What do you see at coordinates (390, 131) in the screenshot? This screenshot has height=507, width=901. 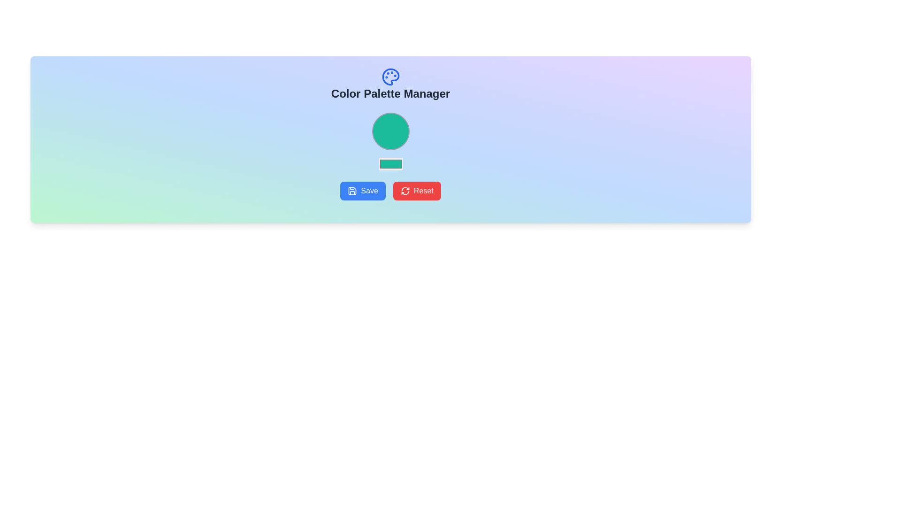 I see `the displayed color in the circular indicator located centrally below the 'Color Palette Manager' header` at bounding box center [390, 131].